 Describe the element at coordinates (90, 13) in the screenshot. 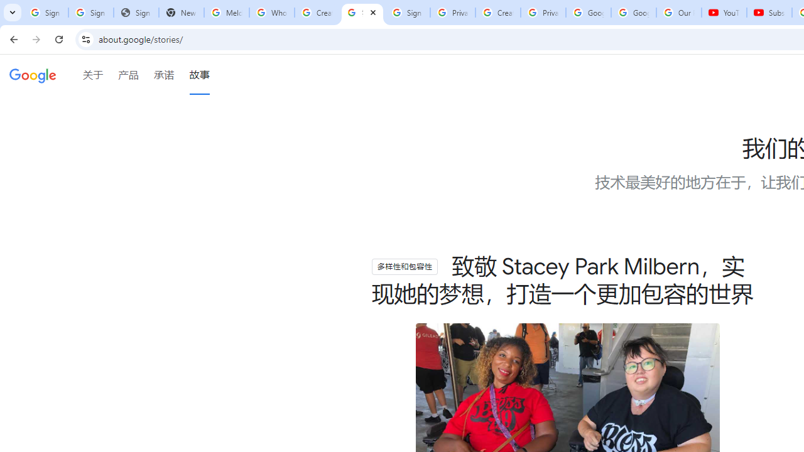

I see `'Sign in - Google Accounts'` at that location.